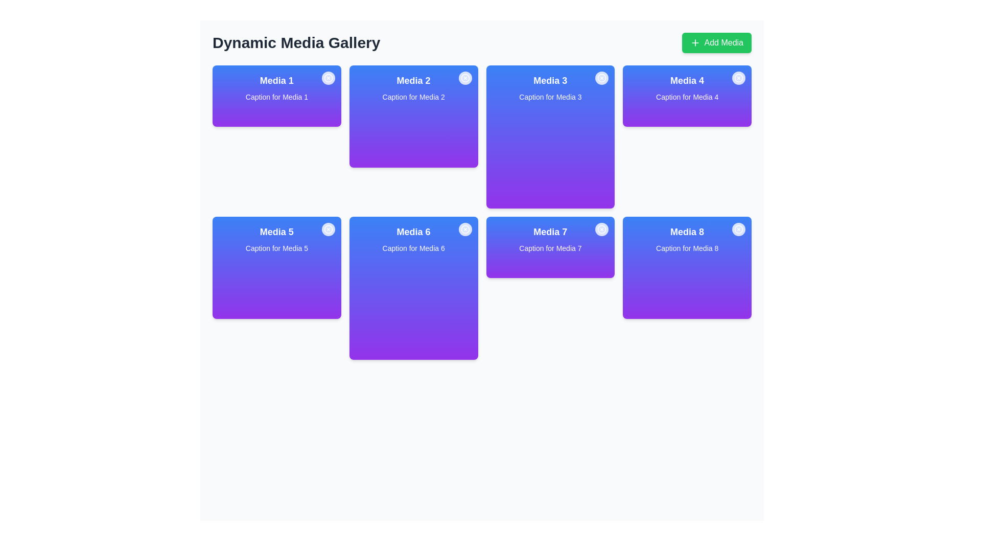 Image resolution: width=981 pixels, height=552 pixels. Describe the element at coordinates (602, 78) in the screenshot. I see `the Close button icon, which is a circular button with a cross inside located in the top-right corner of the 'Media 3' card` at that location.